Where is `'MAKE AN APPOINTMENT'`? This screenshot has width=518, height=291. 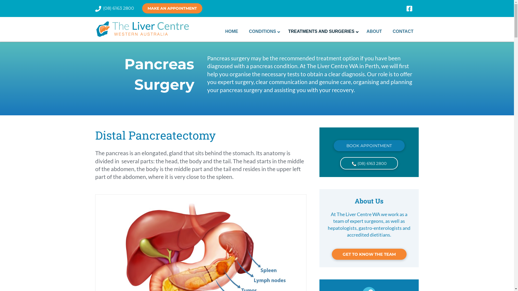 'MAKE AN APPOINTMENT' is located at coordinates (172, 8).